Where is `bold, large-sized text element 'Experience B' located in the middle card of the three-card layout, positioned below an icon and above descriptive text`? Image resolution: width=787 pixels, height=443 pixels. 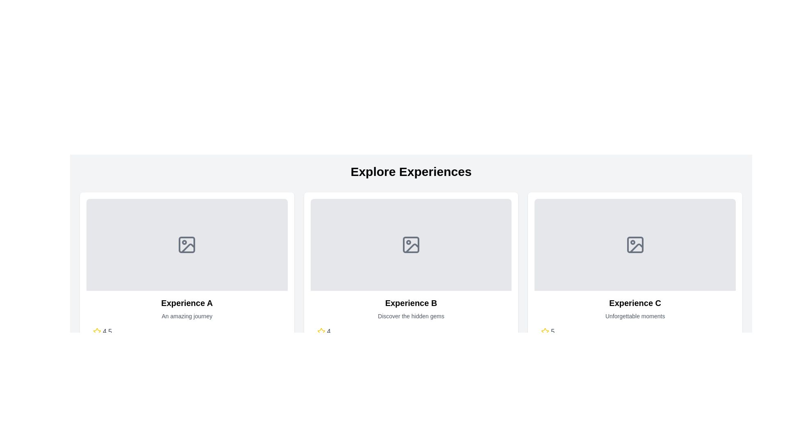
bold, large-sized text element 'Experience B' located in the middle card of the three-card layout, positioned below an icon and above descriptive text is located at coordinates (411, 303).